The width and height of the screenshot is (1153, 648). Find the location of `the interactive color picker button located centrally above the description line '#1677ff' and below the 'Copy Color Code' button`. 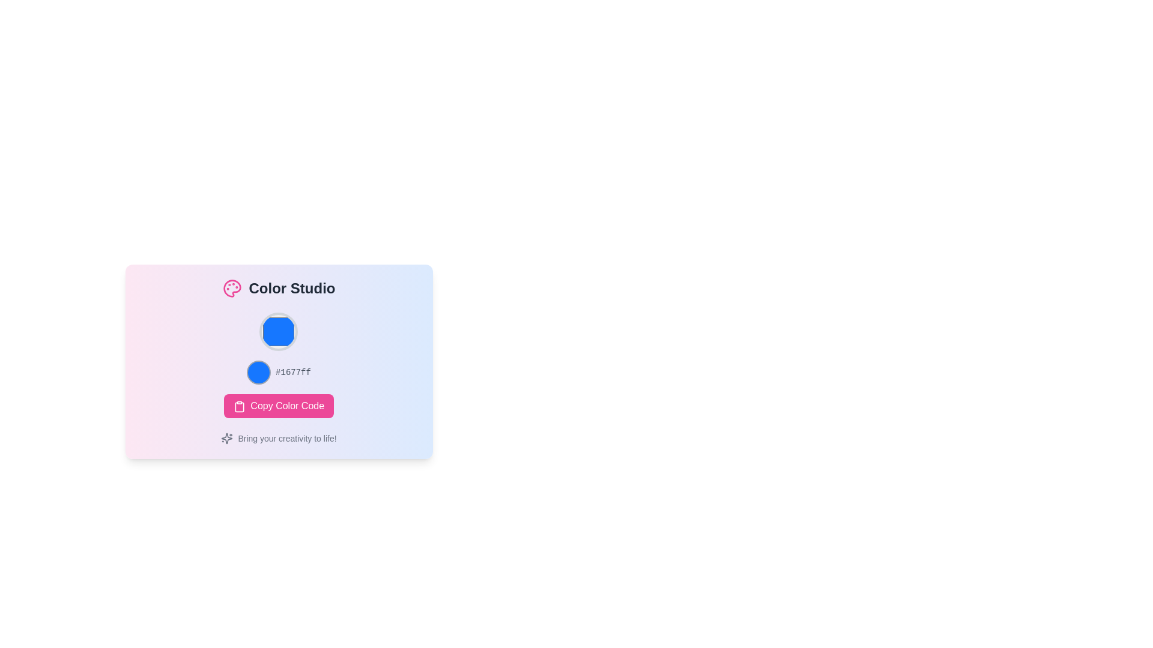

the interactive color picker button located centrally above the description line '#1677ff' and below the 'Copy Color Code' button is located at coordinates (278, 331).